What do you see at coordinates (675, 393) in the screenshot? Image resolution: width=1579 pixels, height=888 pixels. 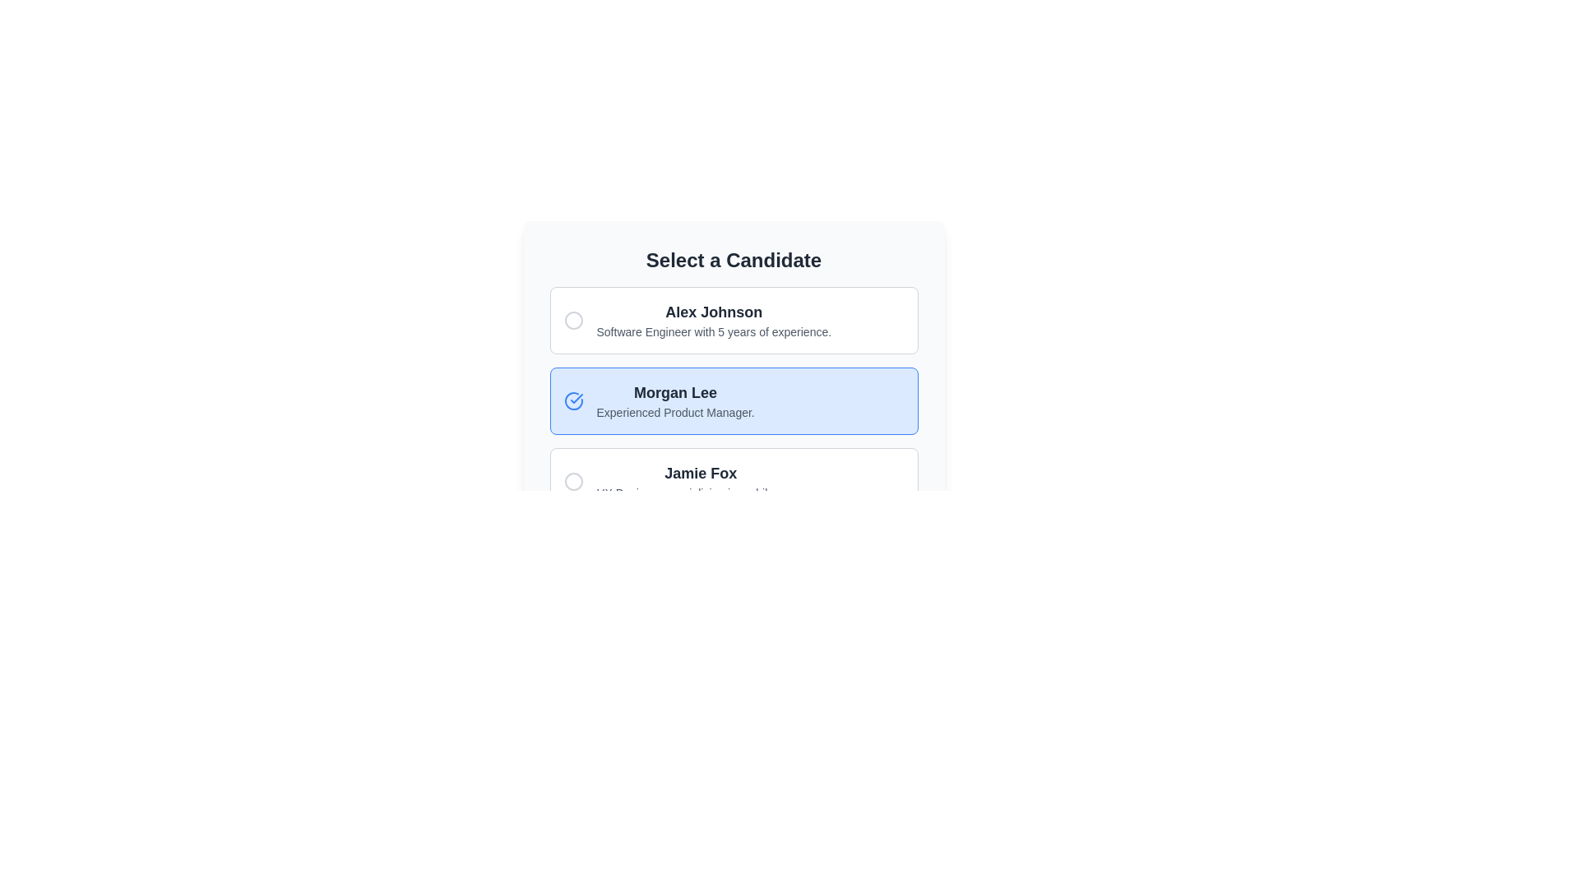 I see `the text label for the second candidate named 'Morgan Lee', which identifies the candidate's name in the selection card under 'Select a Candidate'` at bounding box center [675, 393].